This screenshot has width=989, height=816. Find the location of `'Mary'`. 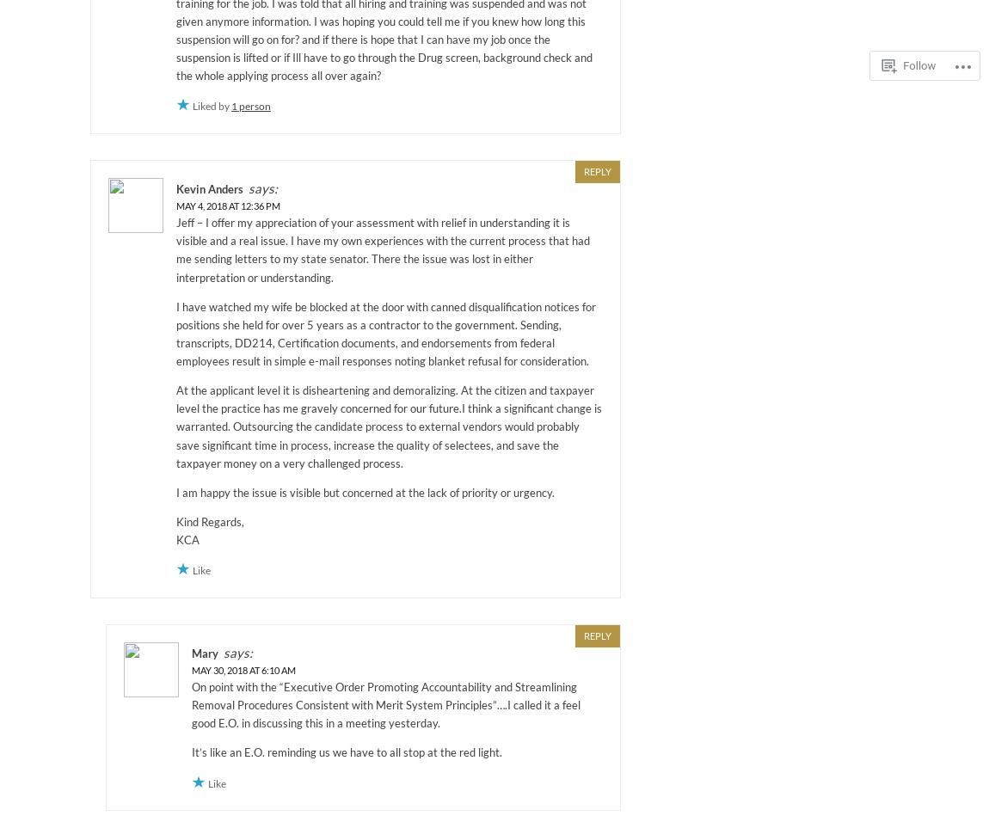

'Mary' is located at coordinates (204, 653).